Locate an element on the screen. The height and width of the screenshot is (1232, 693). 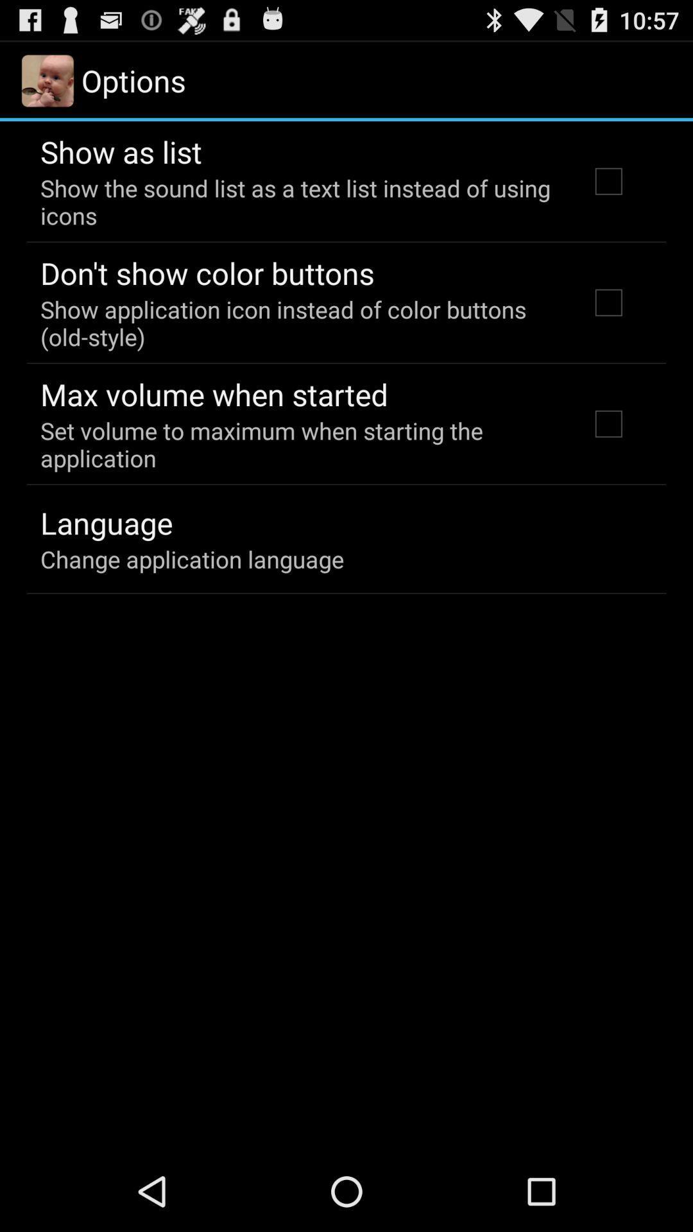
icon above the language app is located at coordinates (297, 444).